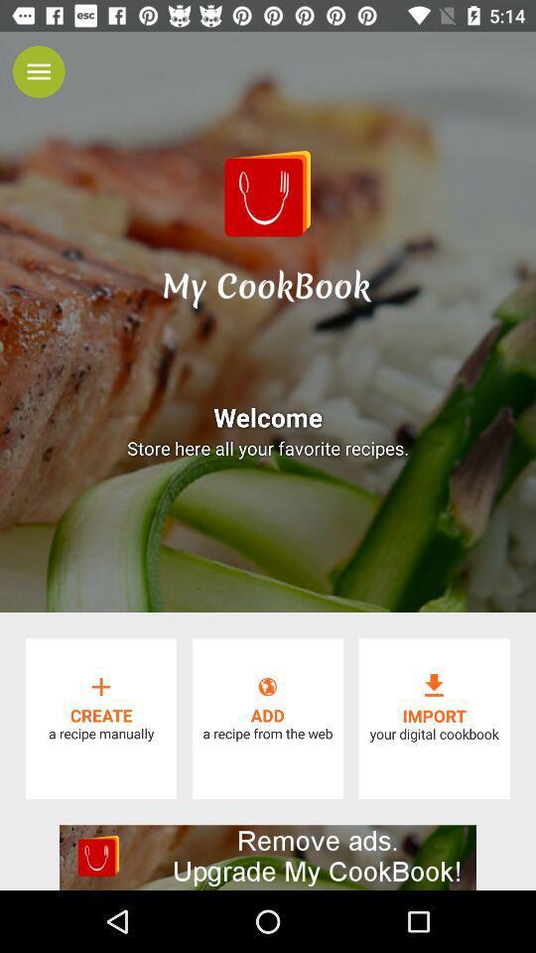 This screenshot has height=953, width=536. What do you see at coordinates (268, 857) in the screenshot?
I see `open advertisement` at bounding box center [268, 857].